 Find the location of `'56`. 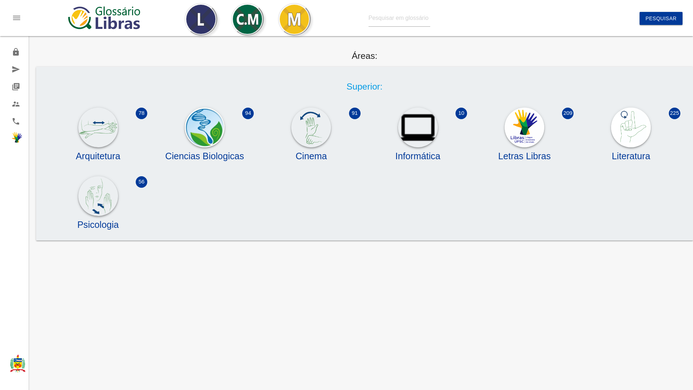

'56 is located at coordinates (97, 221).